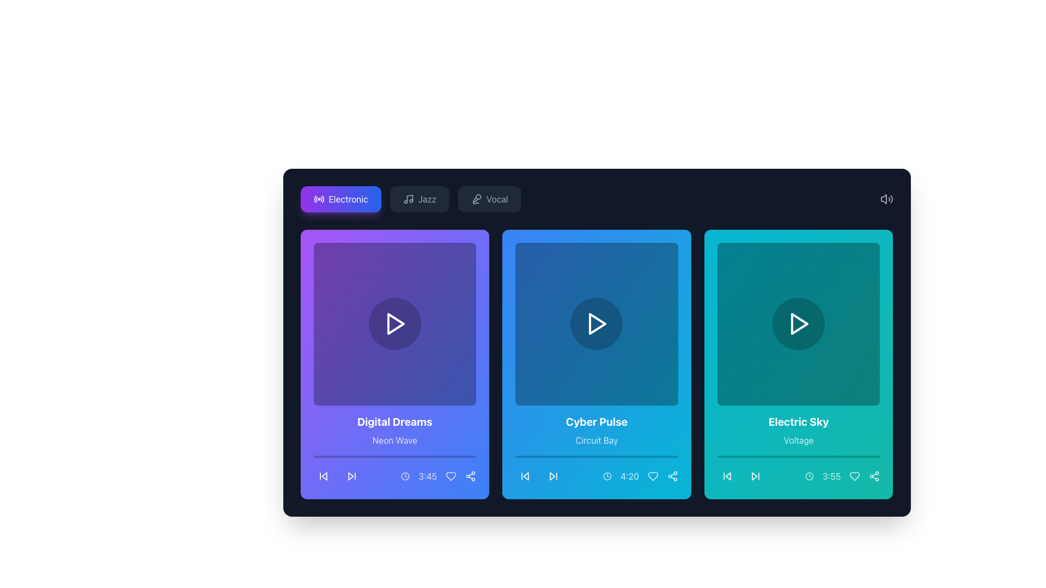  What do you see at coordinates (727, 475) in the screenshot?
I see `the circular button with a back arrow icon in the bottom right section of the 'Electric Sky' card to skip back` at bounding box center [727, 475].